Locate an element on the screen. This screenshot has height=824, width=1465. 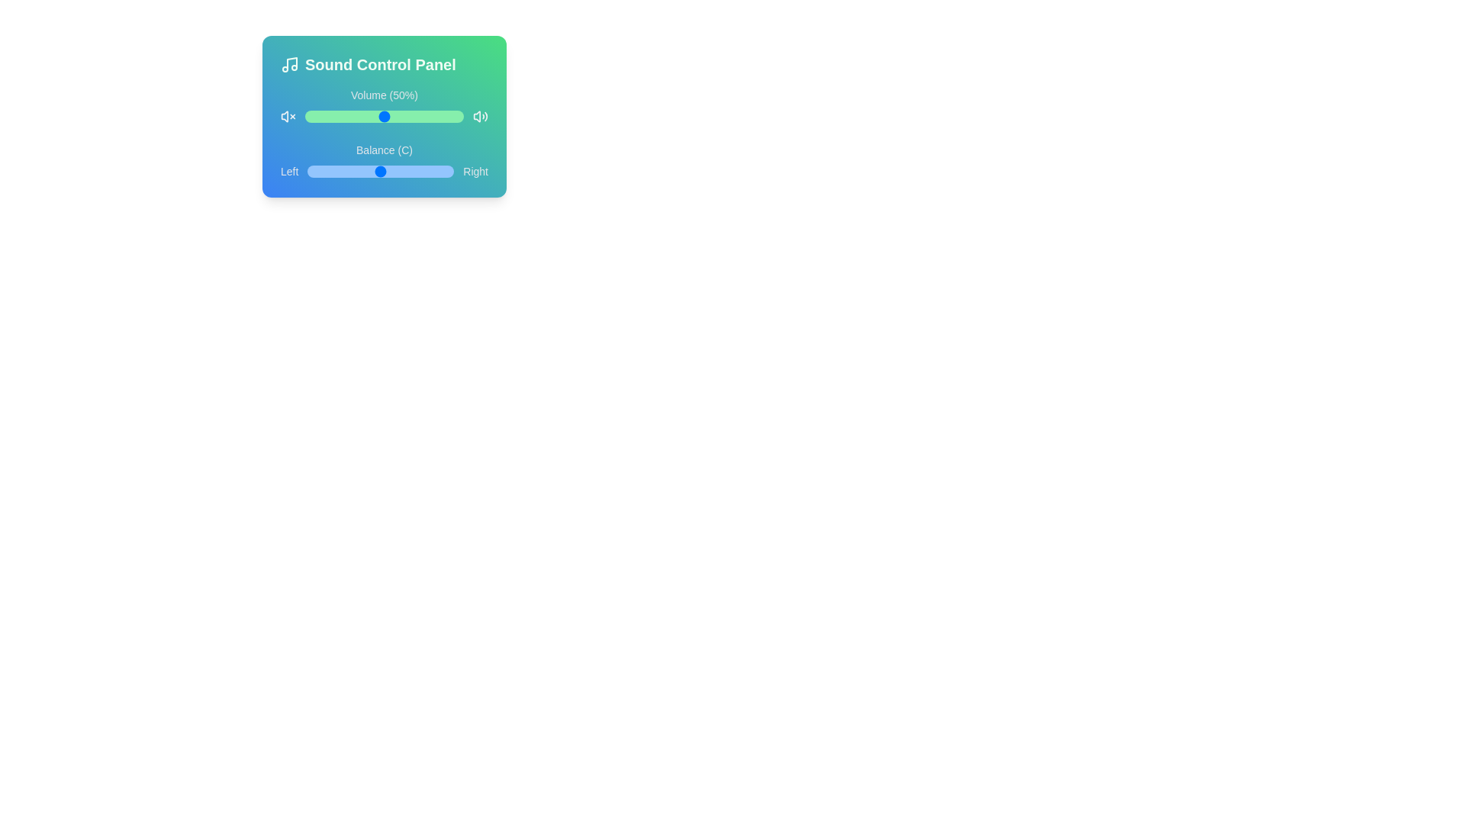
the volume level is located at coordinates (437, 116).